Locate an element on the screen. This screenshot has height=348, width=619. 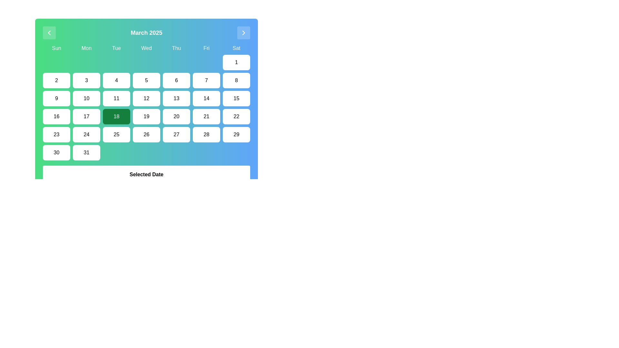
the static text element that displays the current month and year on the calendar interface, located at the center of the header section, between the left and right chevron icons is located at coordinates (146, 33).